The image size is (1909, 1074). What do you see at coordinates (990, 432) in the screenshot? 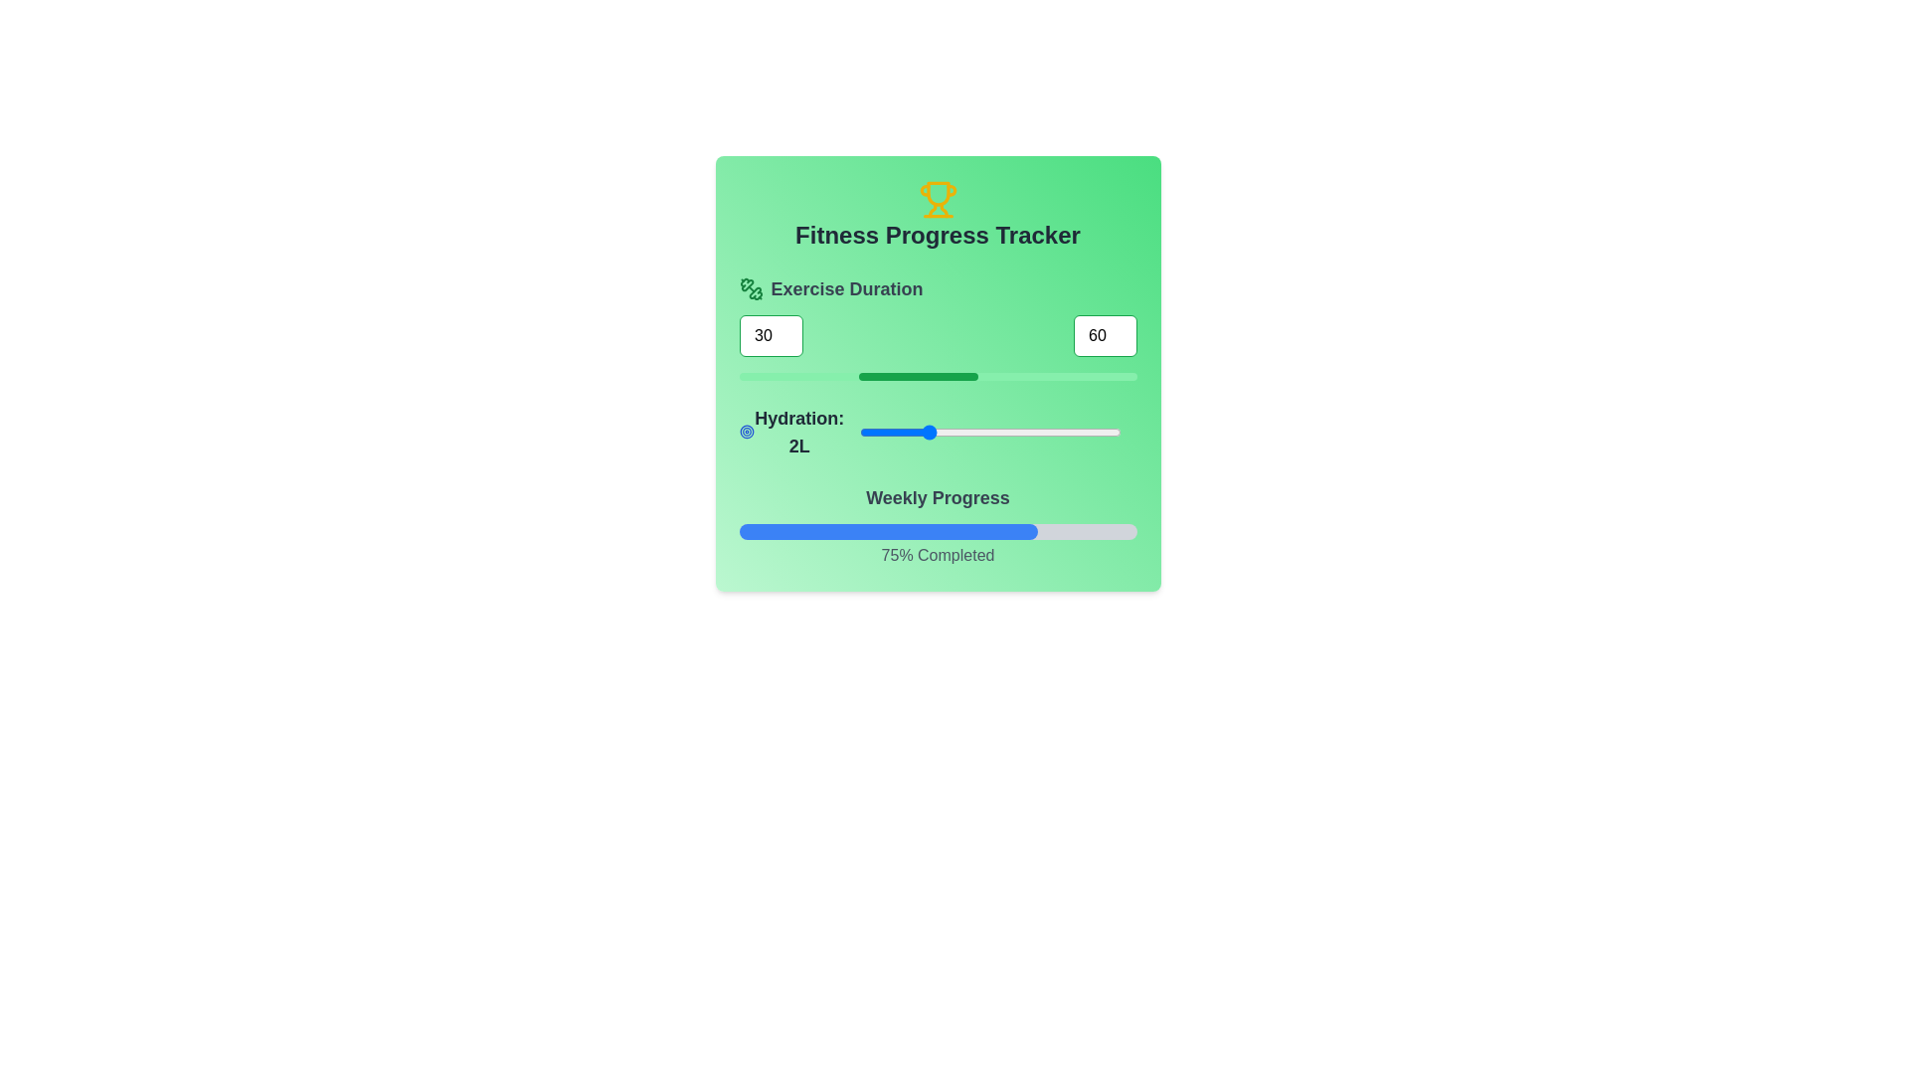
I see `the thumb of the horizontal range slider located below the 'Hydration: 2L' label` at bounding box center [990, 432].